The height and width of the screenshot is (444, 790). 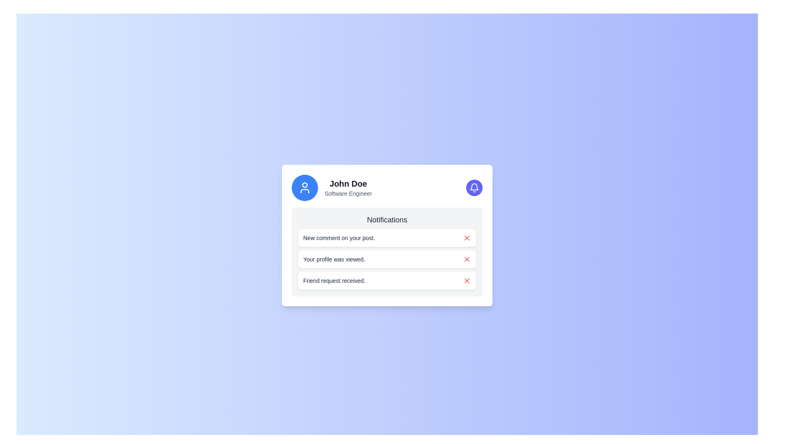 I want to click on text displayed in the profile header of the user, which is located in the top-center of the card component, to the right of the circular blue icon, so click(x=348, y=187).